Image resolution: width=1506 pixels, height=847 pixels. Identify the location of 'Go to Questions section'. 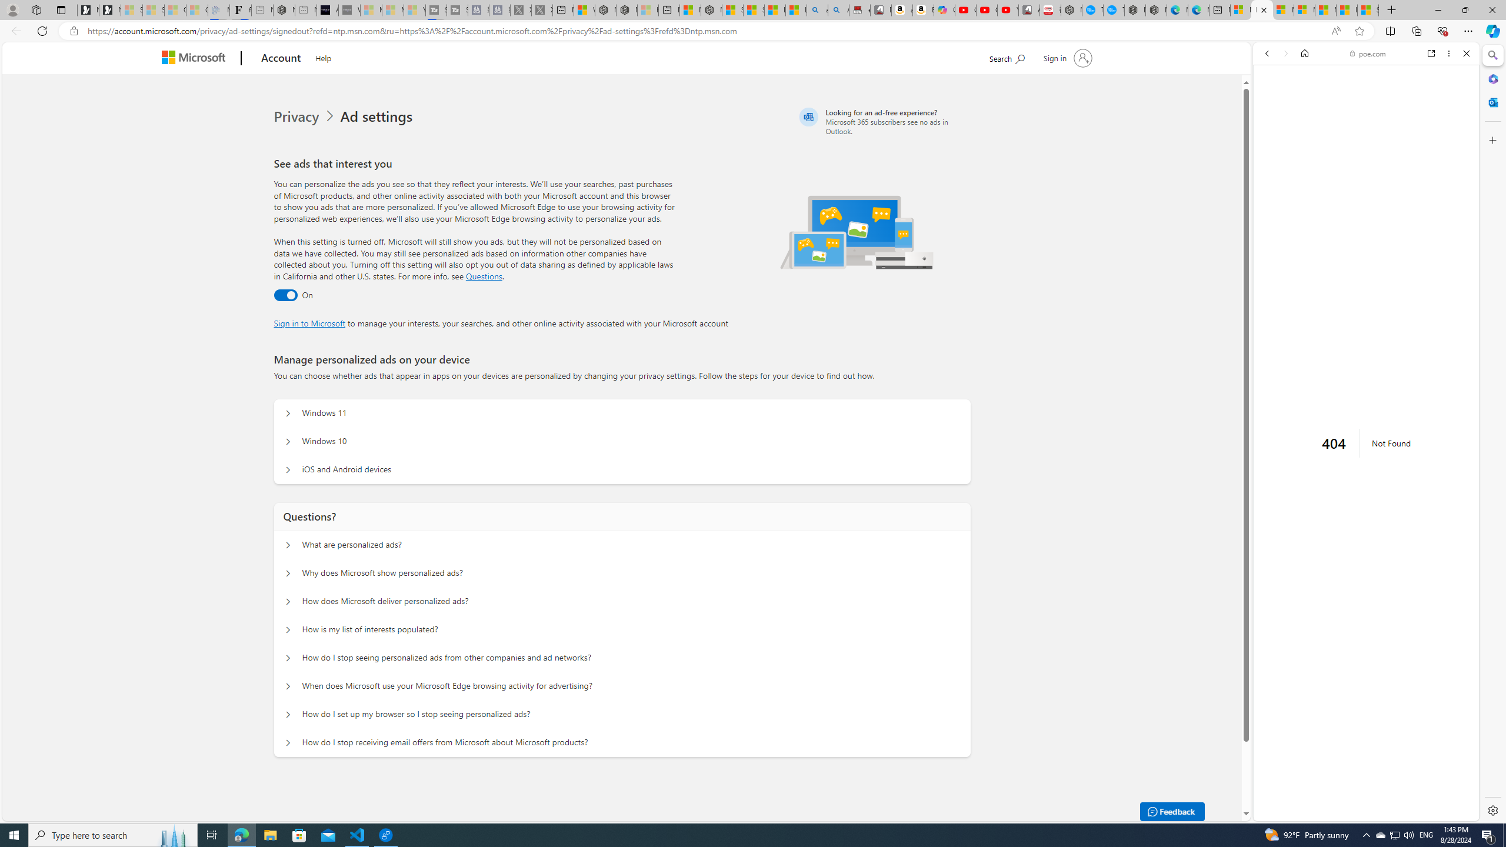
(484, 275).